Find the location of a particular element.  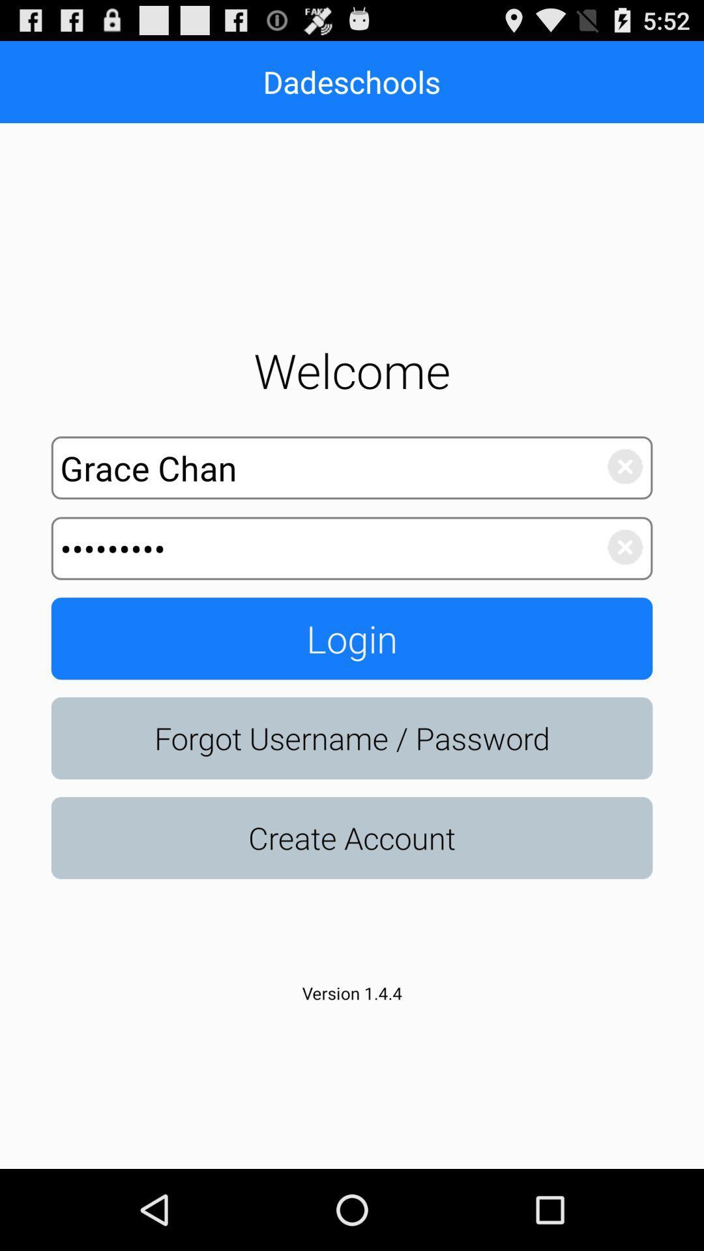

delete option is located at coordinates (617, 463).